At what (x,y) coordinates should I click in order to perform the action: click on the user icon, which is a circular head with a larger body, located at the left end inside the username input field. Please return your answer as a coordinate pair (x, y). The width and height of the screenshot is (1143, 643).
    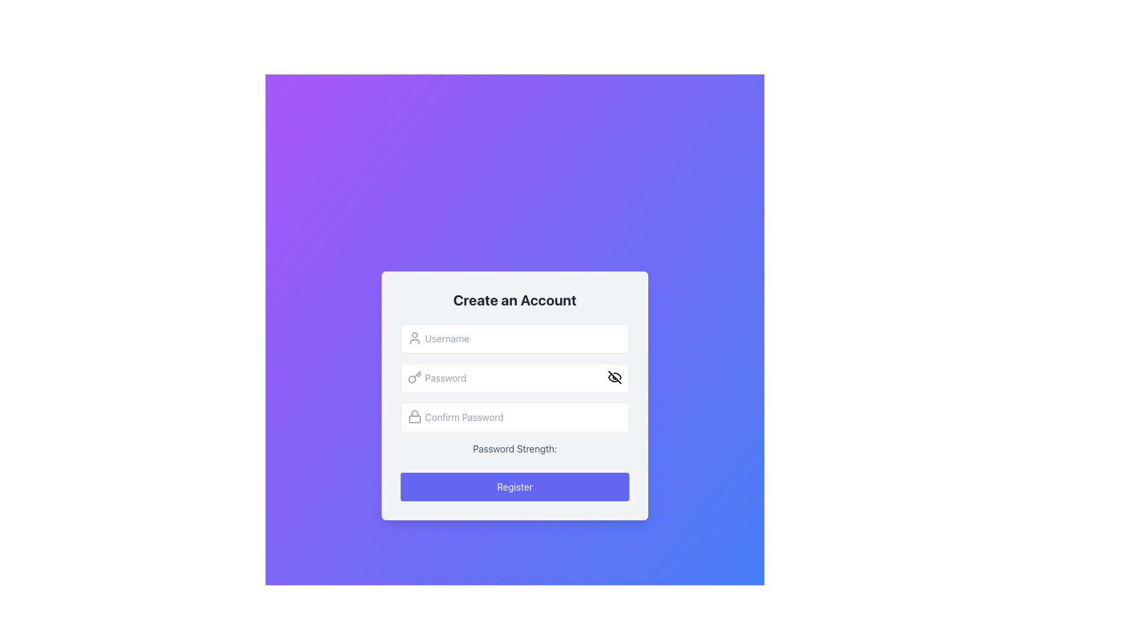
    Looking at the image, I should click on (414, 338).